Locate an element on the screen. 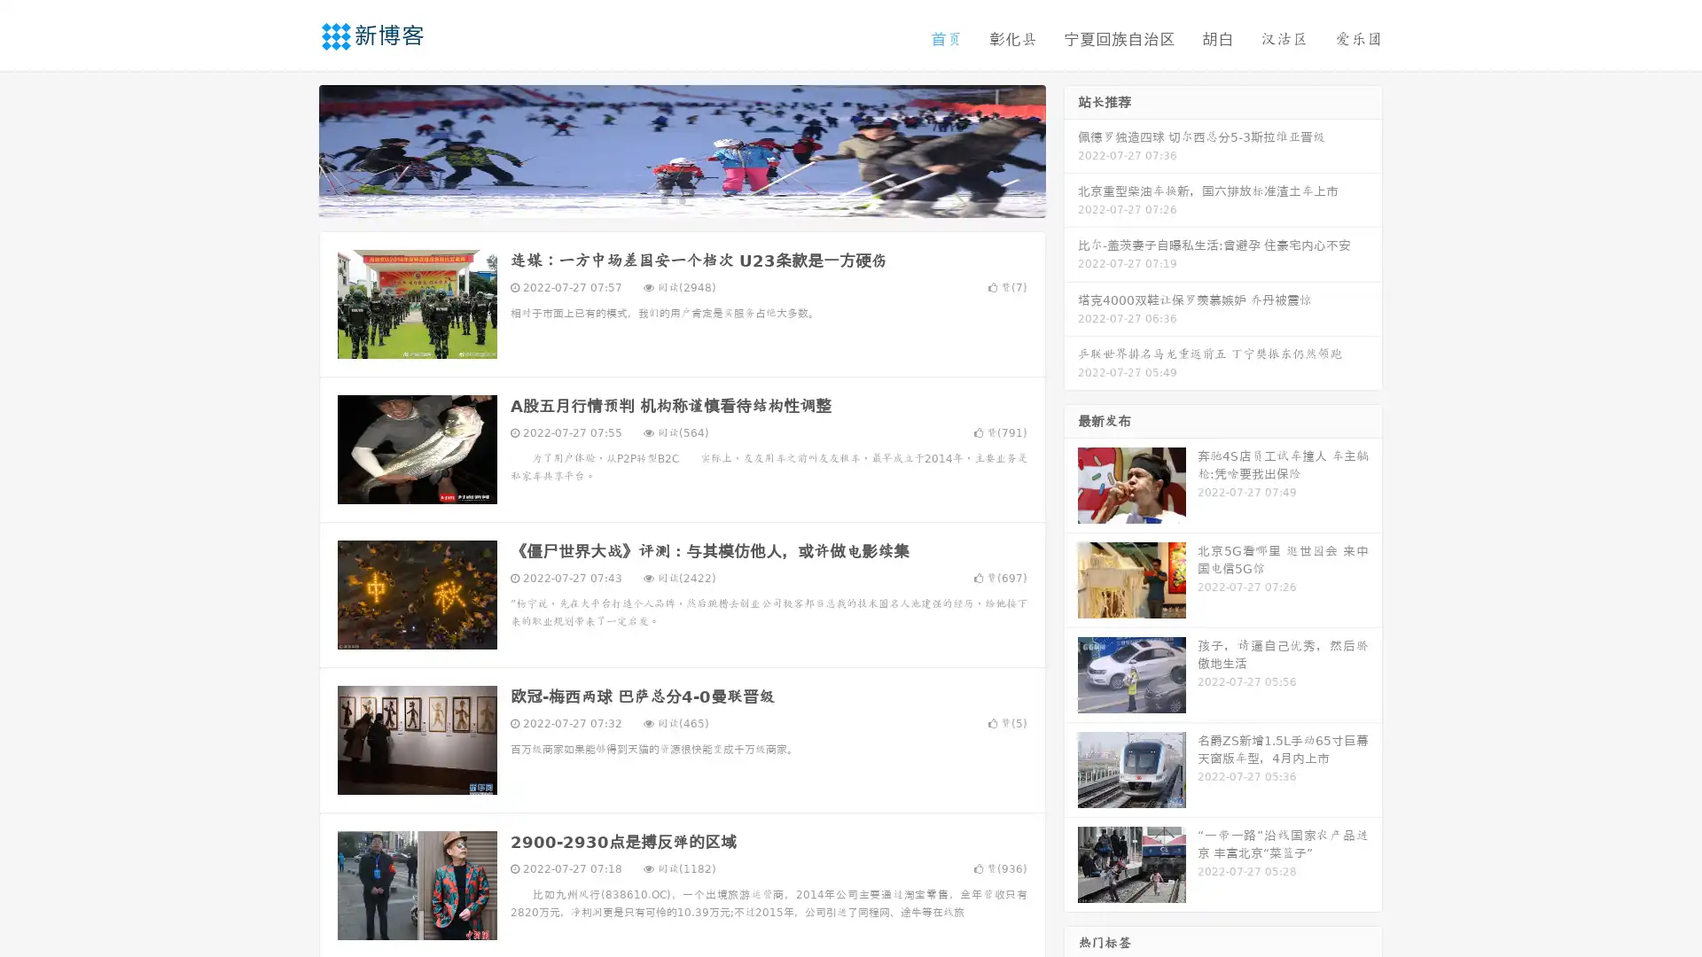 This screenshot has width=1702, height=957. Next slide is located at coordinates (1071, 149).